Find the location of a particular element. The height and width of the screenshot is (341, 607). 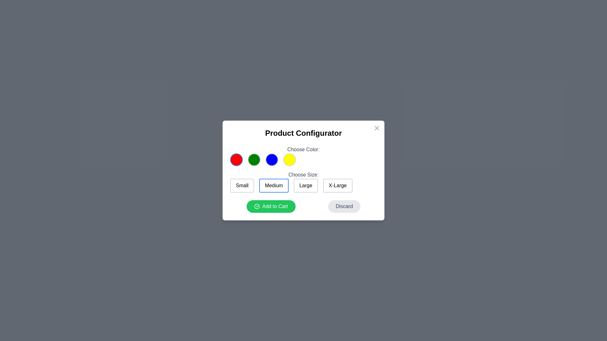

the bold title text 'Product Configurator' located at the top center of the modal dialog box is located at coordinates (303, 133).